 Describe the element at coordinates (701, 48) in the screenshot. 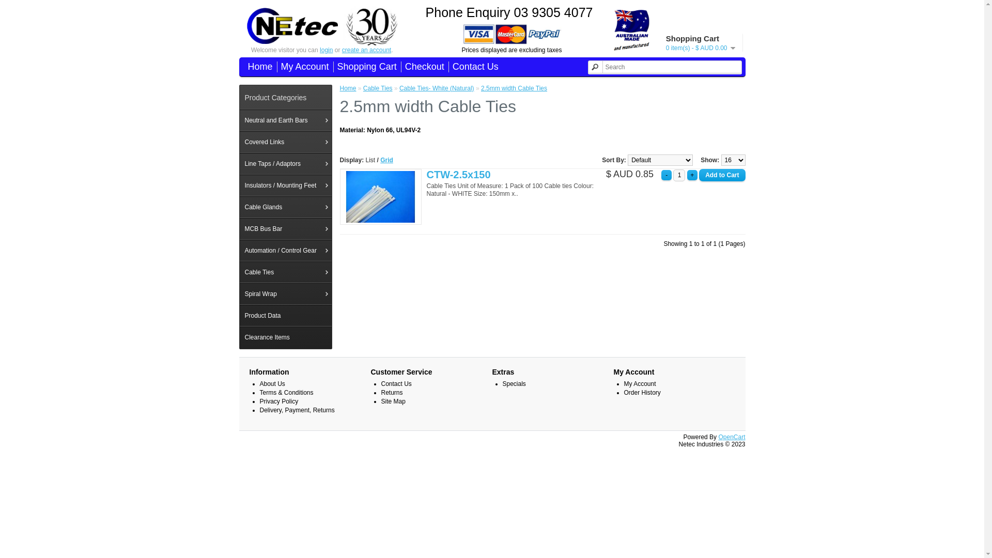

I see `'0 item(s) - $ AUD 0.00'` at that location.